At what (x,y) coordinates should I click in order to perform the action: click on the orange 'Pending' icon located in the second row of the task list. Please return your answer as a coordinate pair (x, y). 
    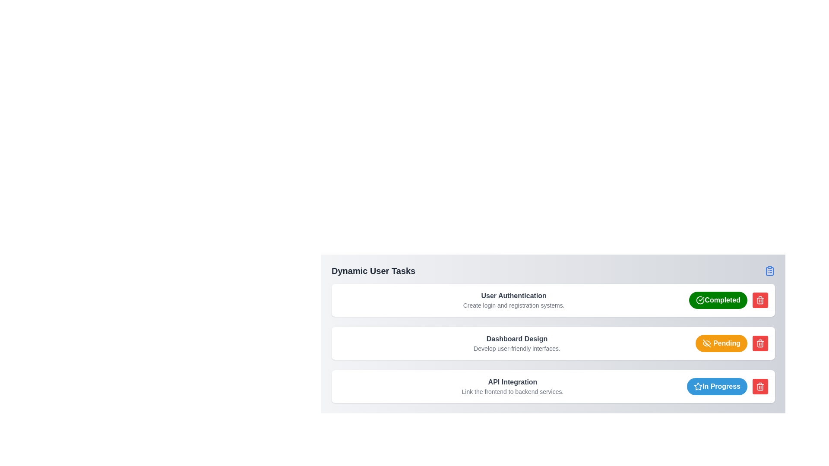
    Looking at the image, I should click on (706, 343).